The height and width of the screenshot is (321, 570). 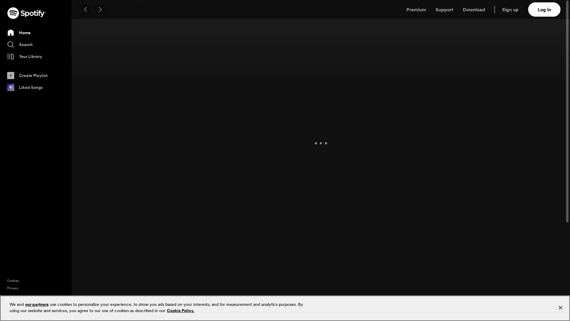 What do you see at coordinates (424, 190) in the screenshot?
I see `Play White Noise` at bounding box center [424, 190].